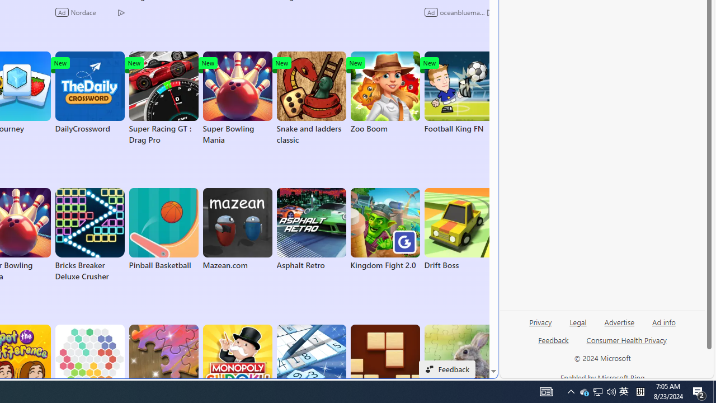  I want to click on 'Pinball Basketball', so click(163, 229).